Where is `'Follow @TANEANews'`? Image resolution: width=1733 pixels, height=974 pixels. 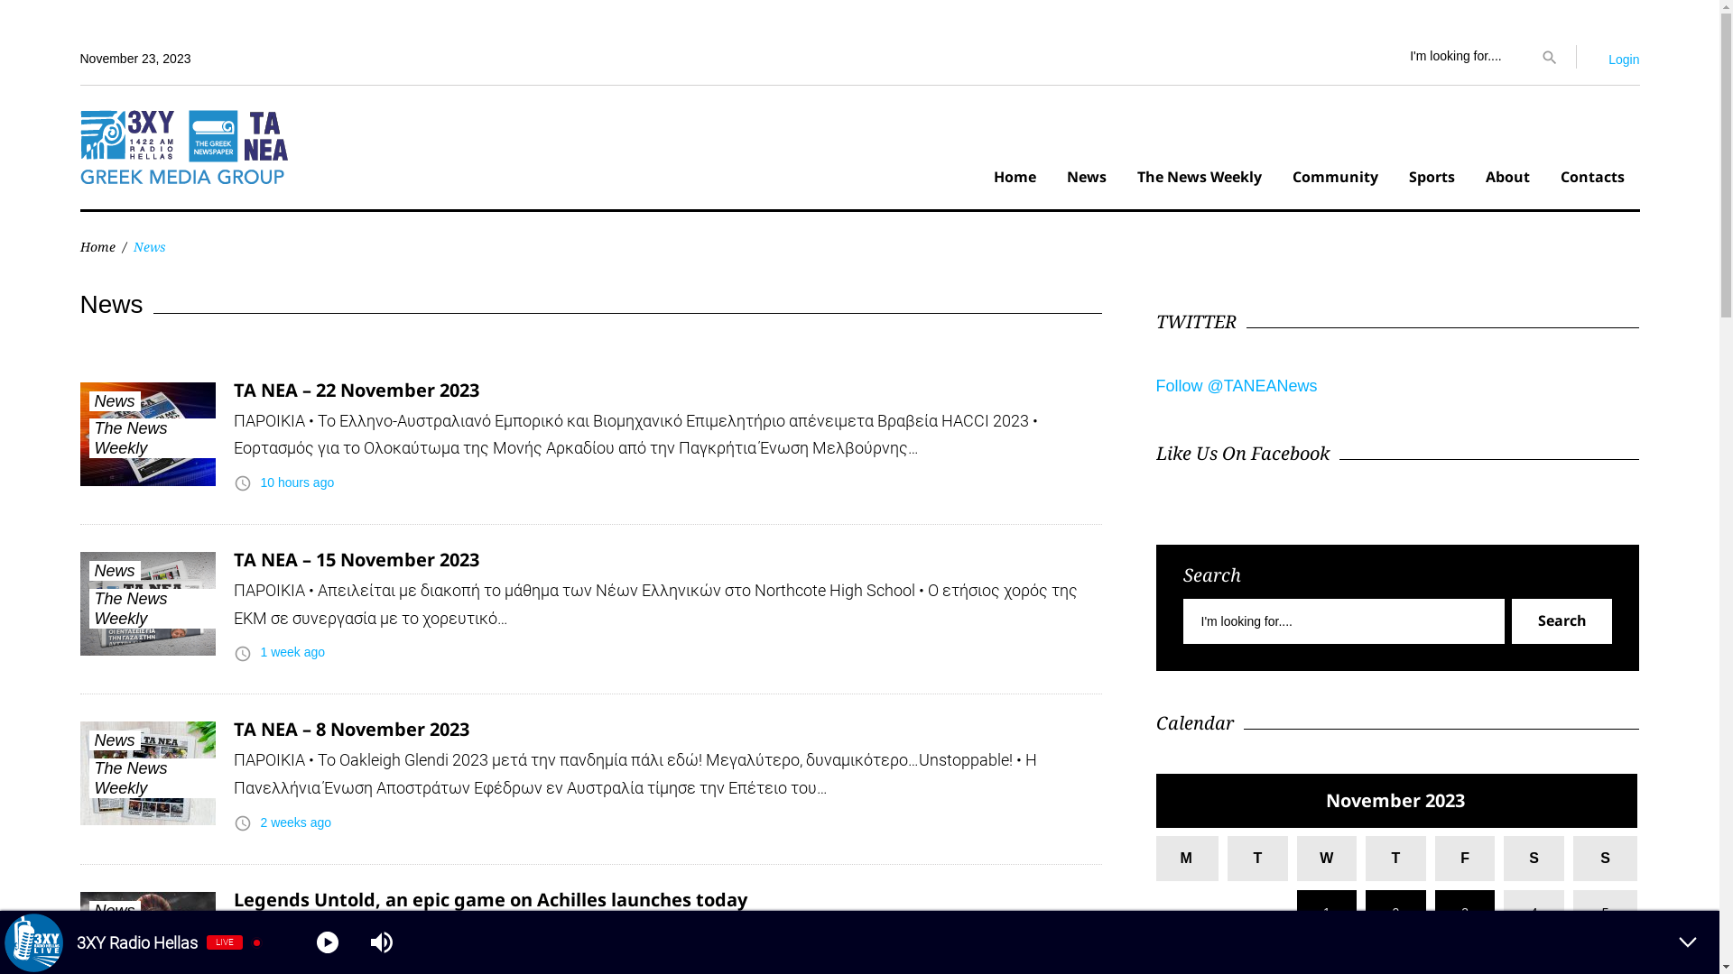
'Follow @TANEANews' is located at coordinates (1235, 385).